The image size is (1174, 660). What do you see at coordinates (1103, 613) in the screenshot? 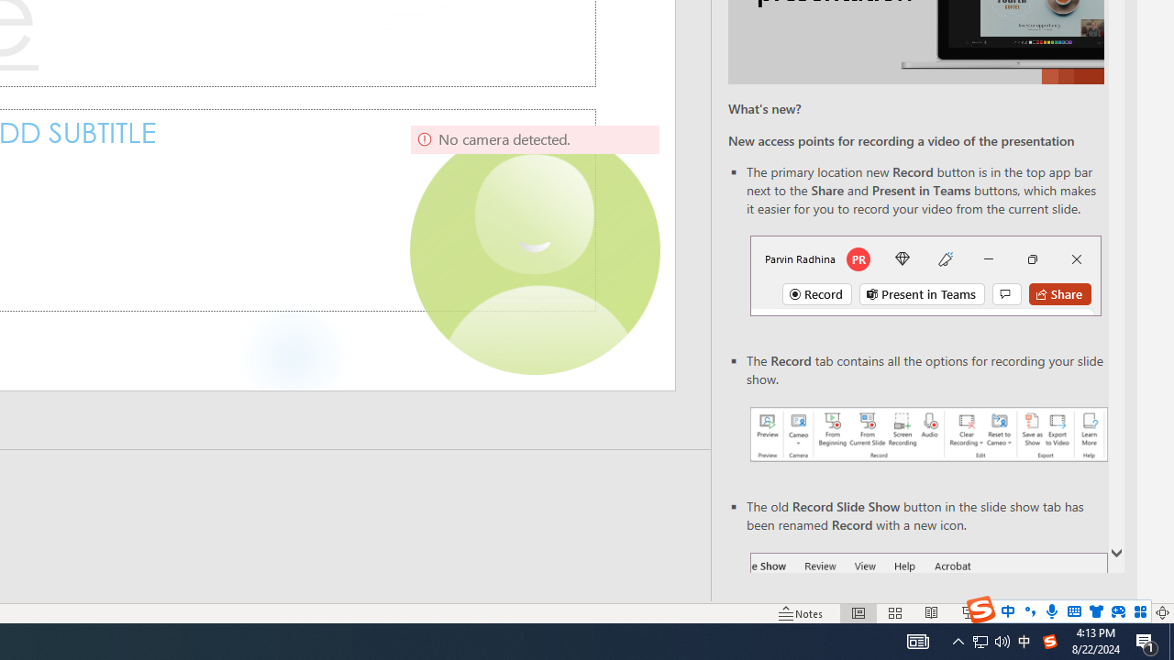
I see `'Zoom In'` at bounding box center [1103, 613].